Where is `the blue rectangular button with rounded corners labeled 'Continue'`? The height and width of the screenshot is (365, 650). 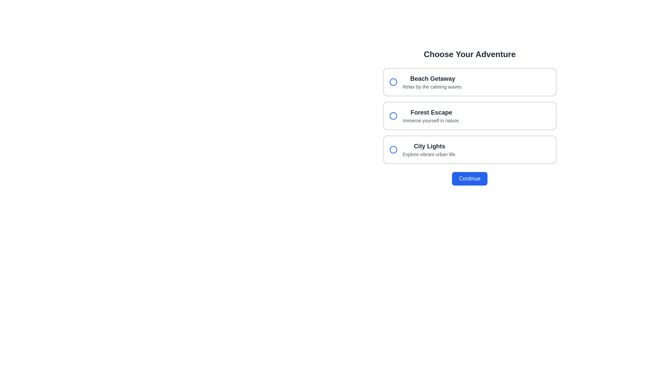 the blue rectangular button with rounded corners labeled 'Continue' is located at coordinates (469, 178).